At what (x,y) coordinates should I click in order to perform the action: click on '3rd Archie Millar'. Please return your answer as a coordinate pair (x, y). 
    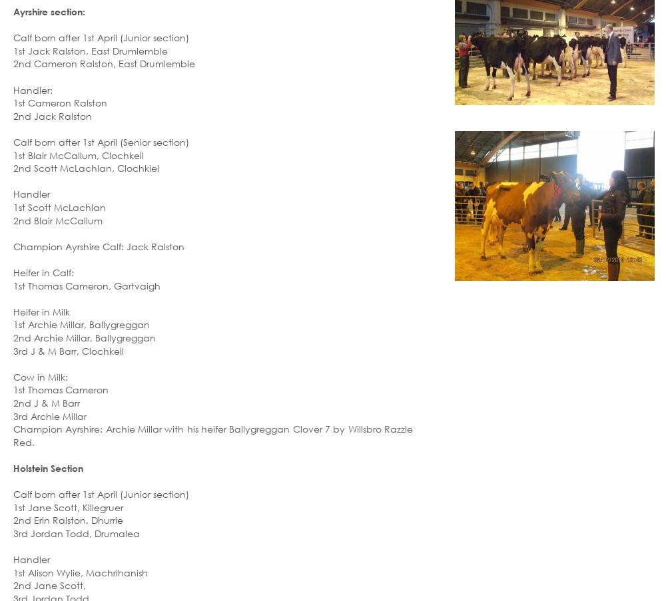
    Looking at the image, I should click on (49, 415).